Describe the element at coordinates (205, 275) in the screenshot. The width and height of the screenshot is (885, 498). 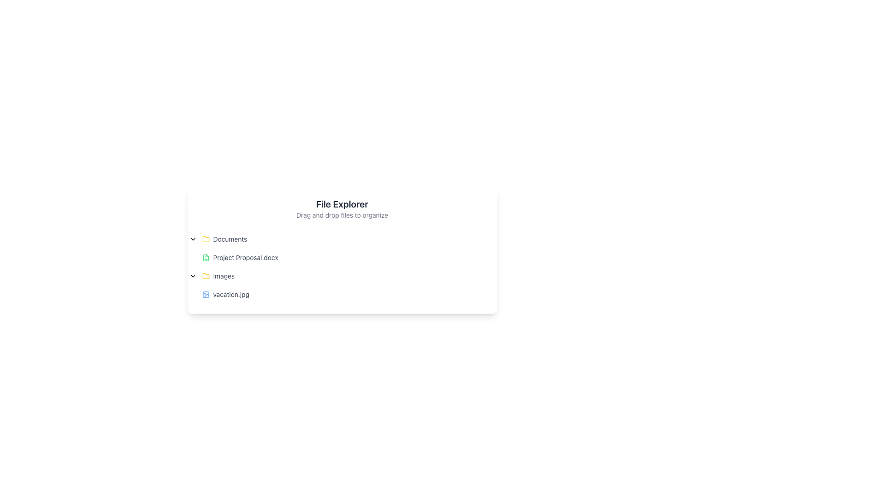
I see `the yellow folder icon located in the left column of the File Explorer interface next to the 'Documents' folder name` at that location.